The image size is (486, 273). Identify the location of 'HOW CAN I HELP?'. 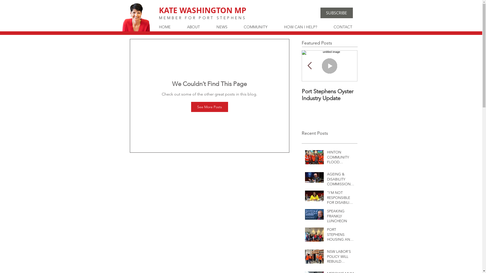
(305, 27).